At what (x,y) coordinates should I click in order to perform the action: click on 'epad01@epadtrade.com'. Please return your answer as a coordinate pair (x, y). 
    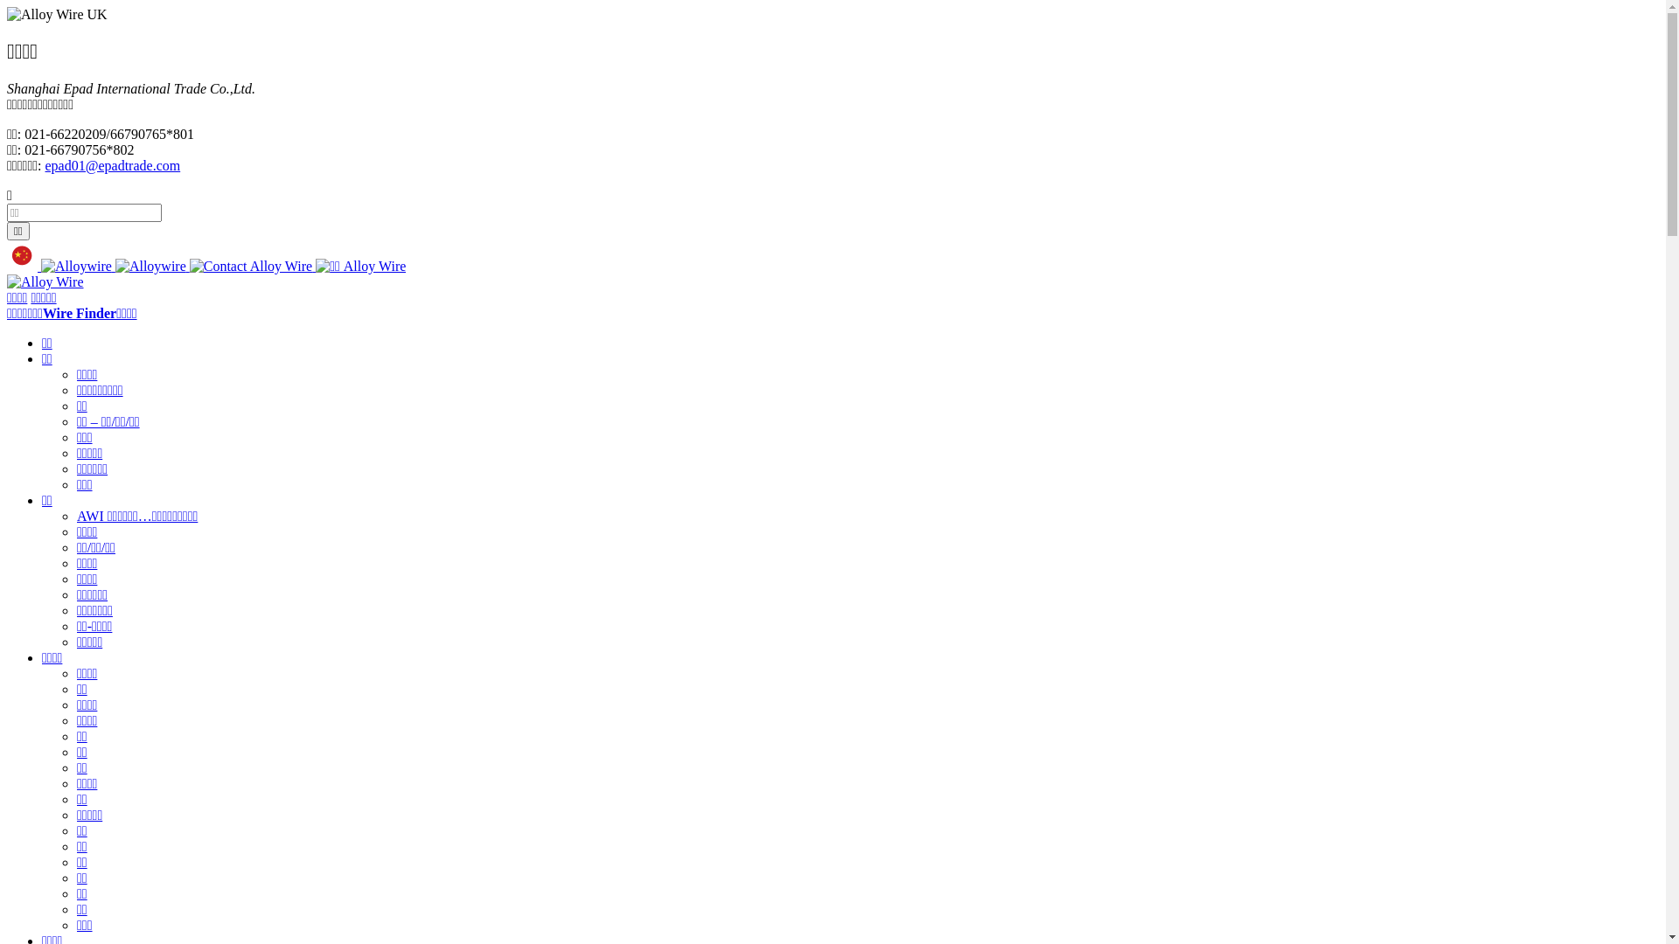
    Looking at the image, I should click on (112, 165).